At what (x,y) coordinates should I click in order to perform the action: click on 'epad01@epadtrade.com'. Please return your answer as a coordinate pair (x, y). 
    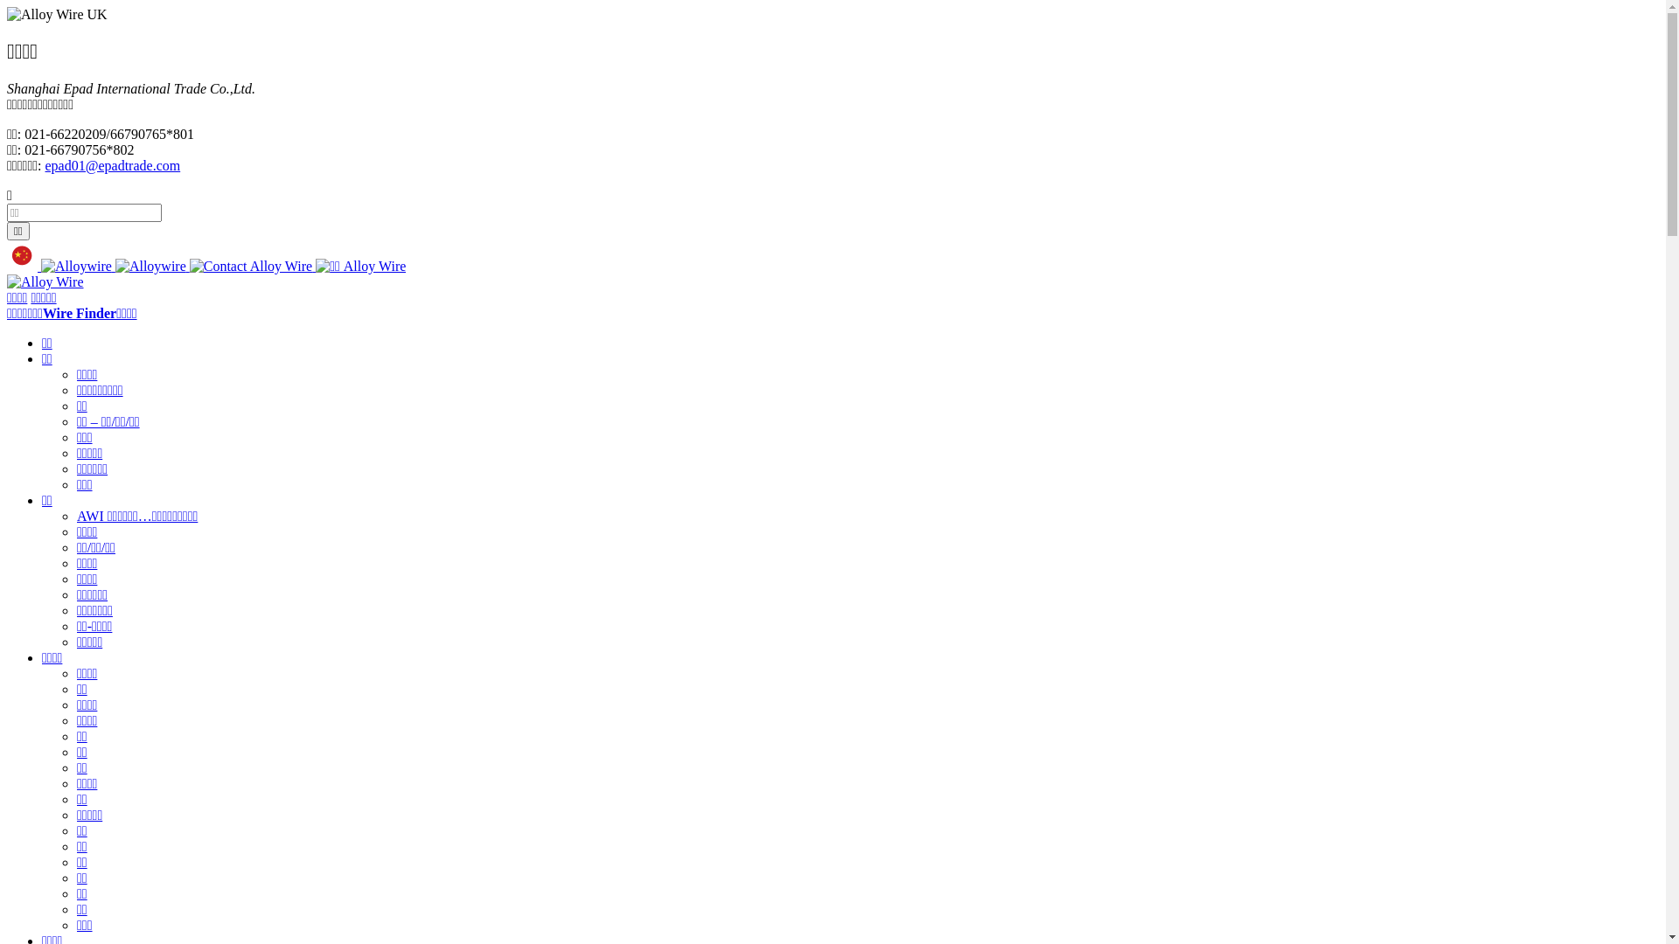
    Looking at the image, I should click on (112, 165).